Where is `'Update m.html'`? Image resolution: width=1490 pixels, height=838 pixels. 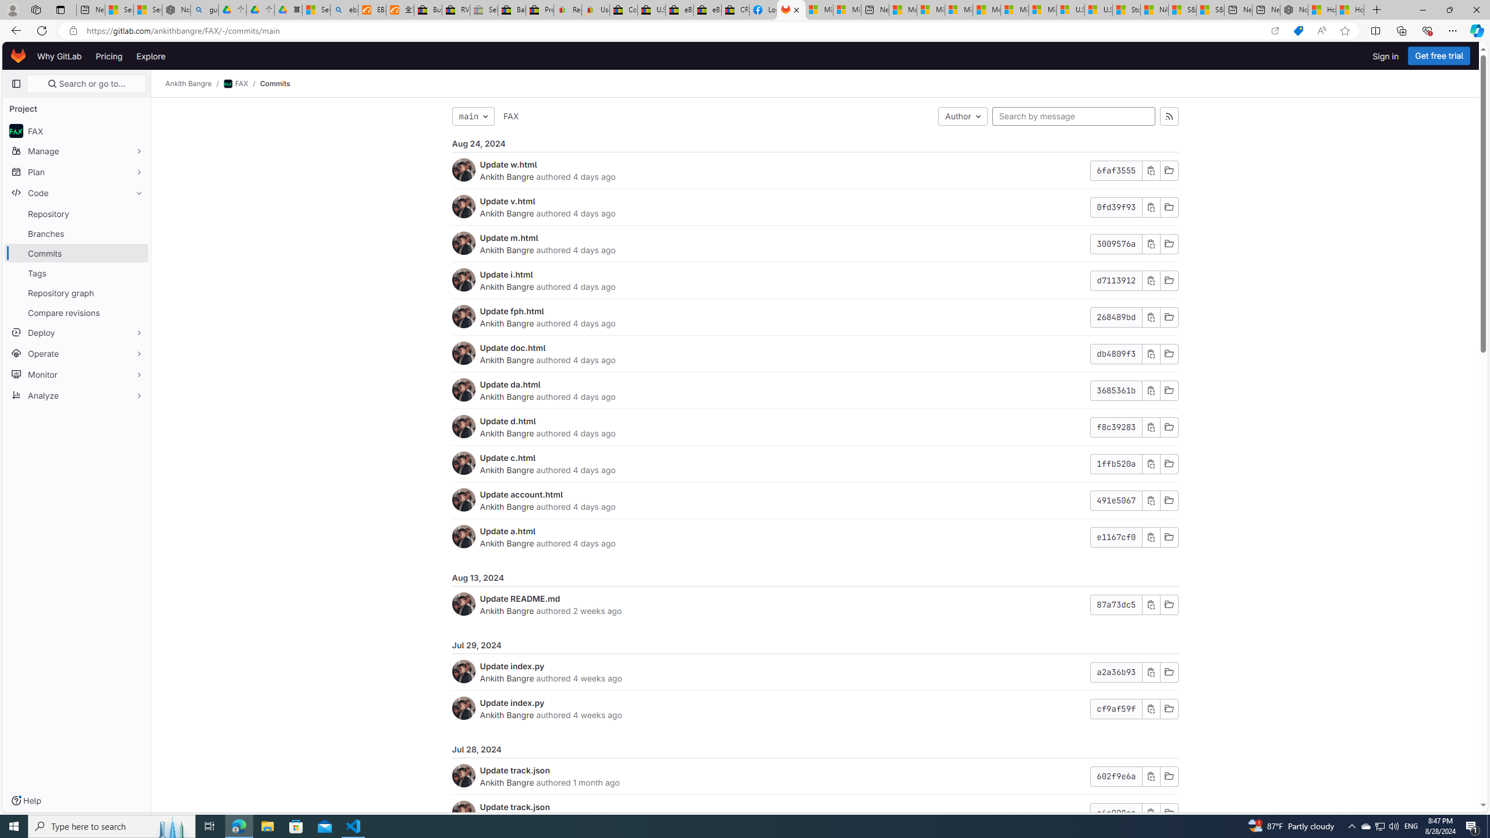
'Update m.html' is located at coordinates (508, 237).